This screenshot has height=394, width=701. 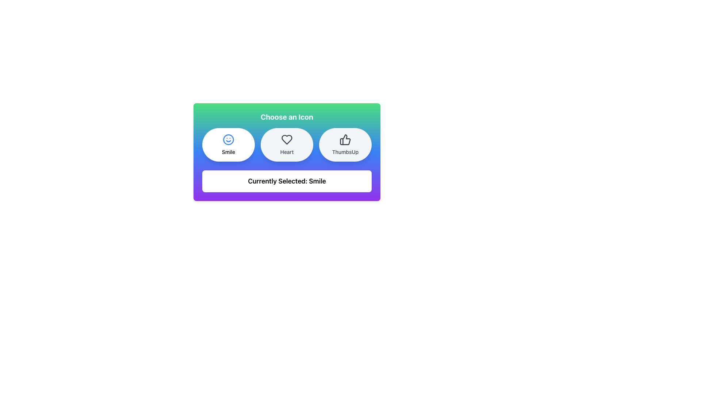 What do you see at coordinates (287, 145) in the screenshot?
I see `the middle button labeled 'Heart' with a heart-shaped icon` at bounding box center [287, 145].